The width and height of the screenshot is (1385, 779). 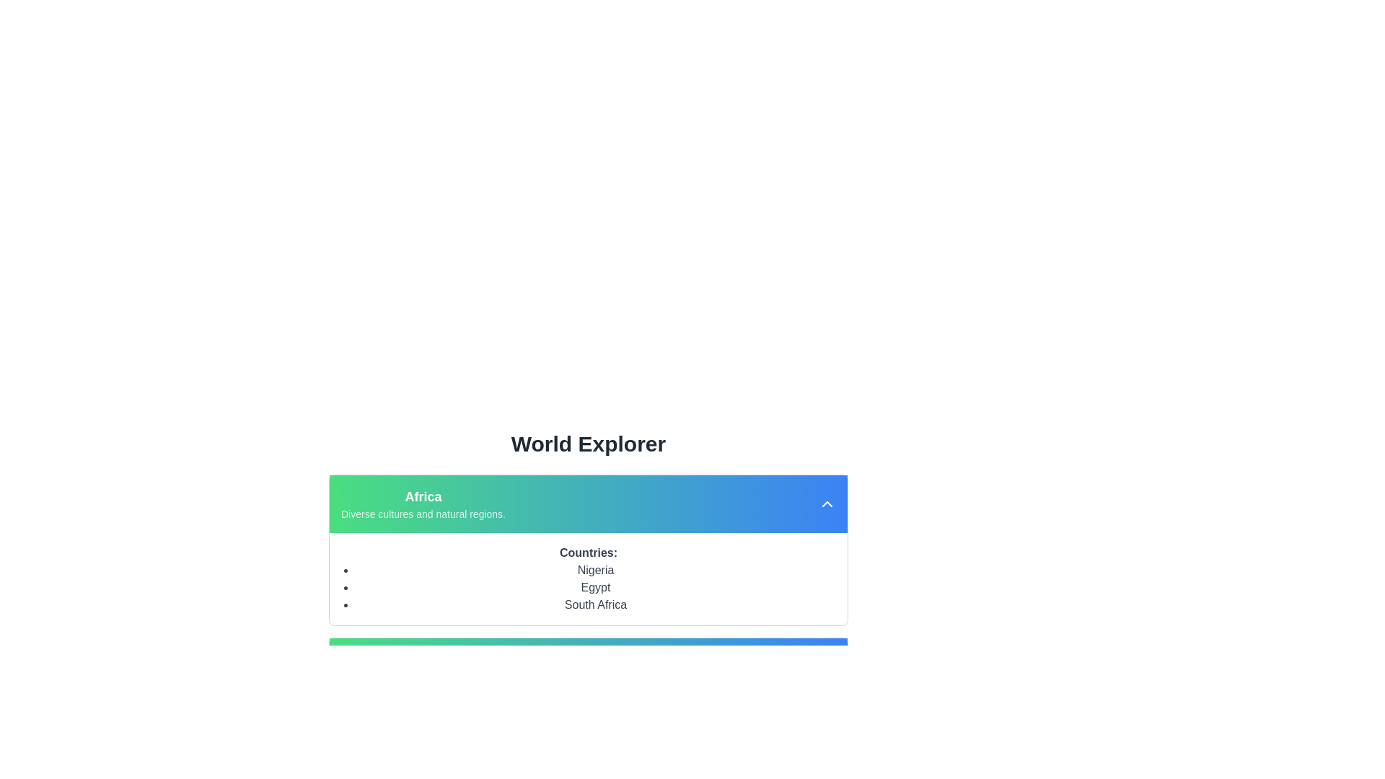 I want to click on the Informational Card about Africa, so click(x=589, y=620).